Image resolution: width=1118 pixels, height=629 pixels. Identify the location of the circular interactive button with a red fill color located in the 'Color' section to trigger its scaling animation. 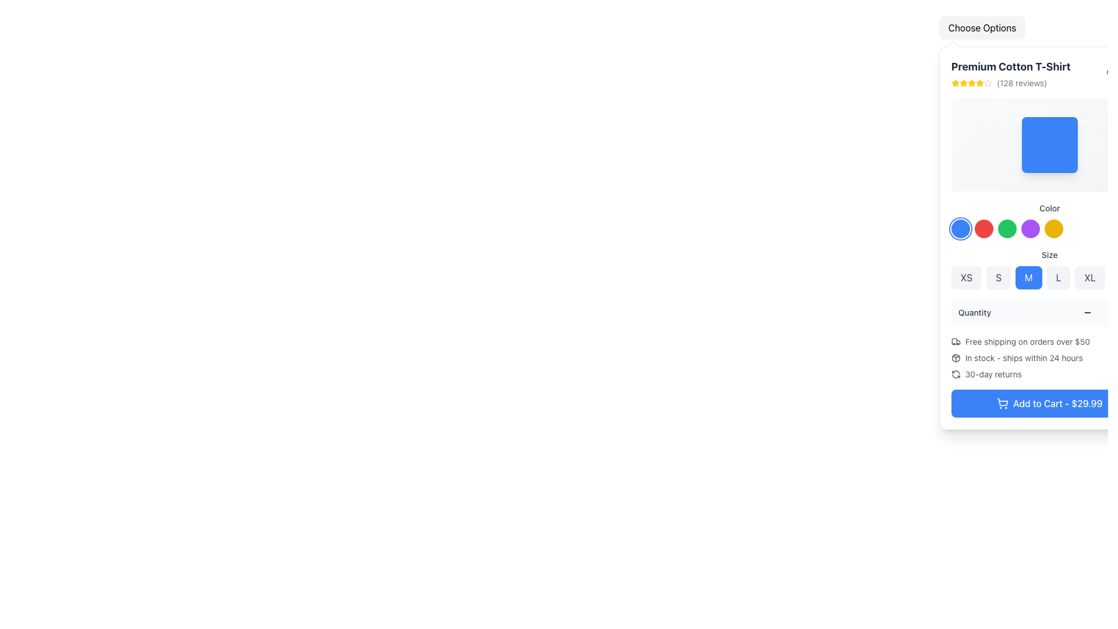
(983, 229).